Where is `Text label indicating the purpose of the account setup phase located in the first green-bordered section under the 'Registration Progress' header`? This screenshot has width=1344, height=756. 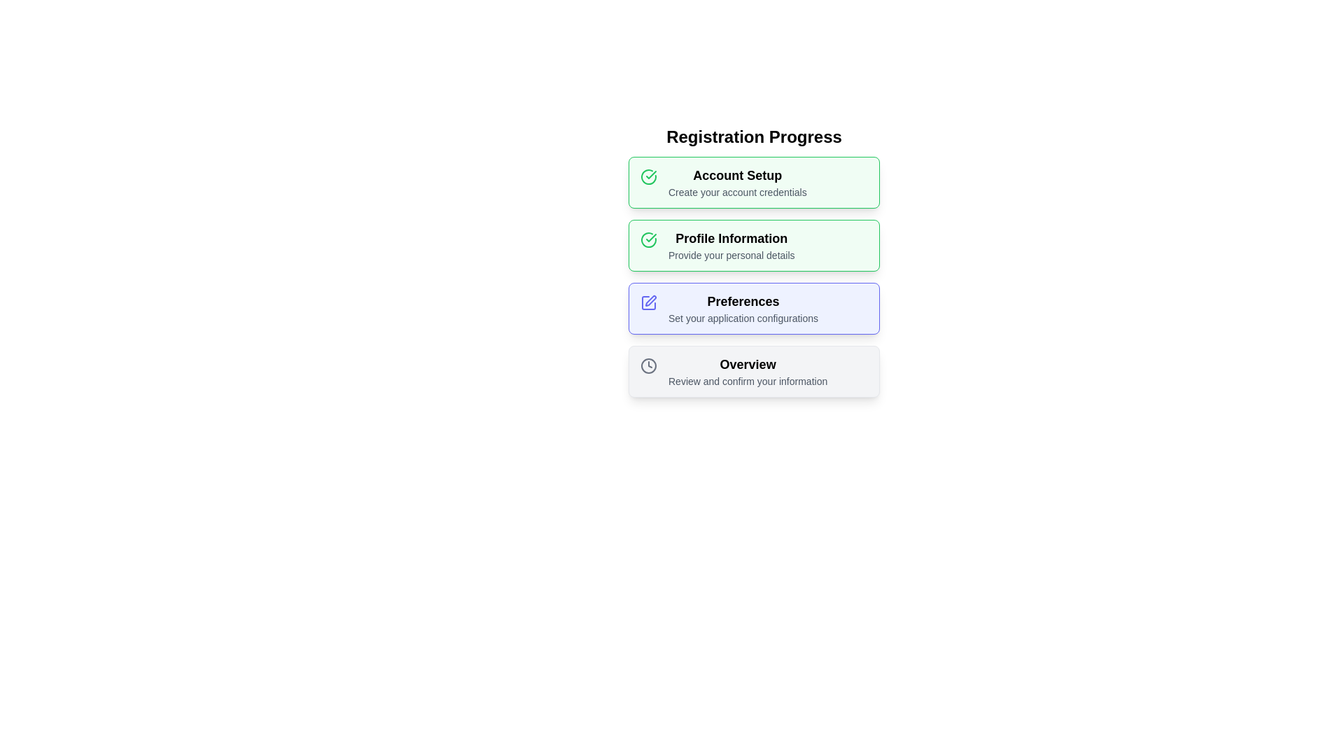
Text label indicating the purpose of the account setup phase located in the first green-bordered section under the 'Registration Progress' header is located at coordinates (736, 182).